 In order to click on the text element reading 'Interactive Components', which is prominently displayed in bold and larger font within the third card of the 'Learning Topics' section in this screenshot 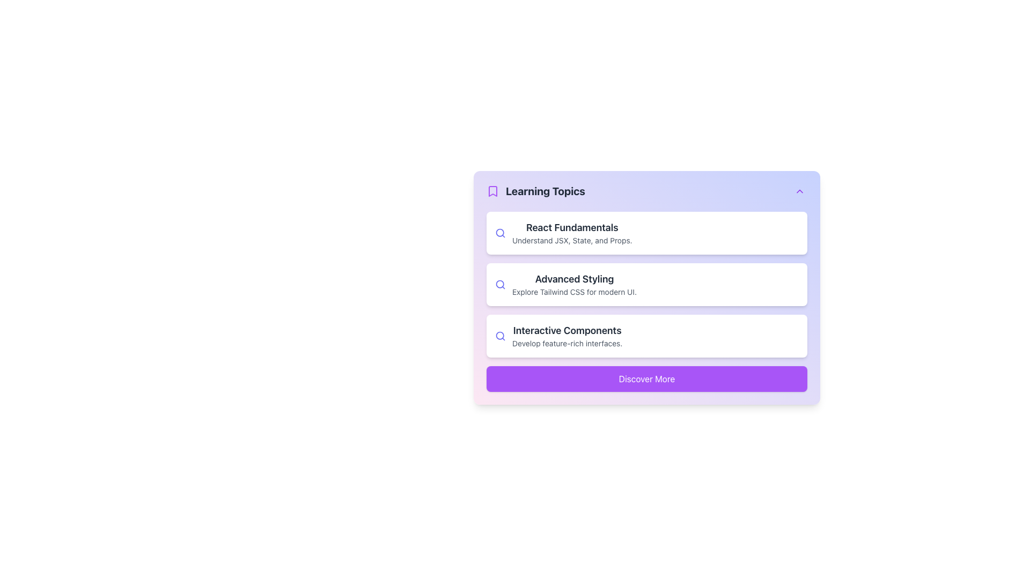, I will do `click(566, 330)`.